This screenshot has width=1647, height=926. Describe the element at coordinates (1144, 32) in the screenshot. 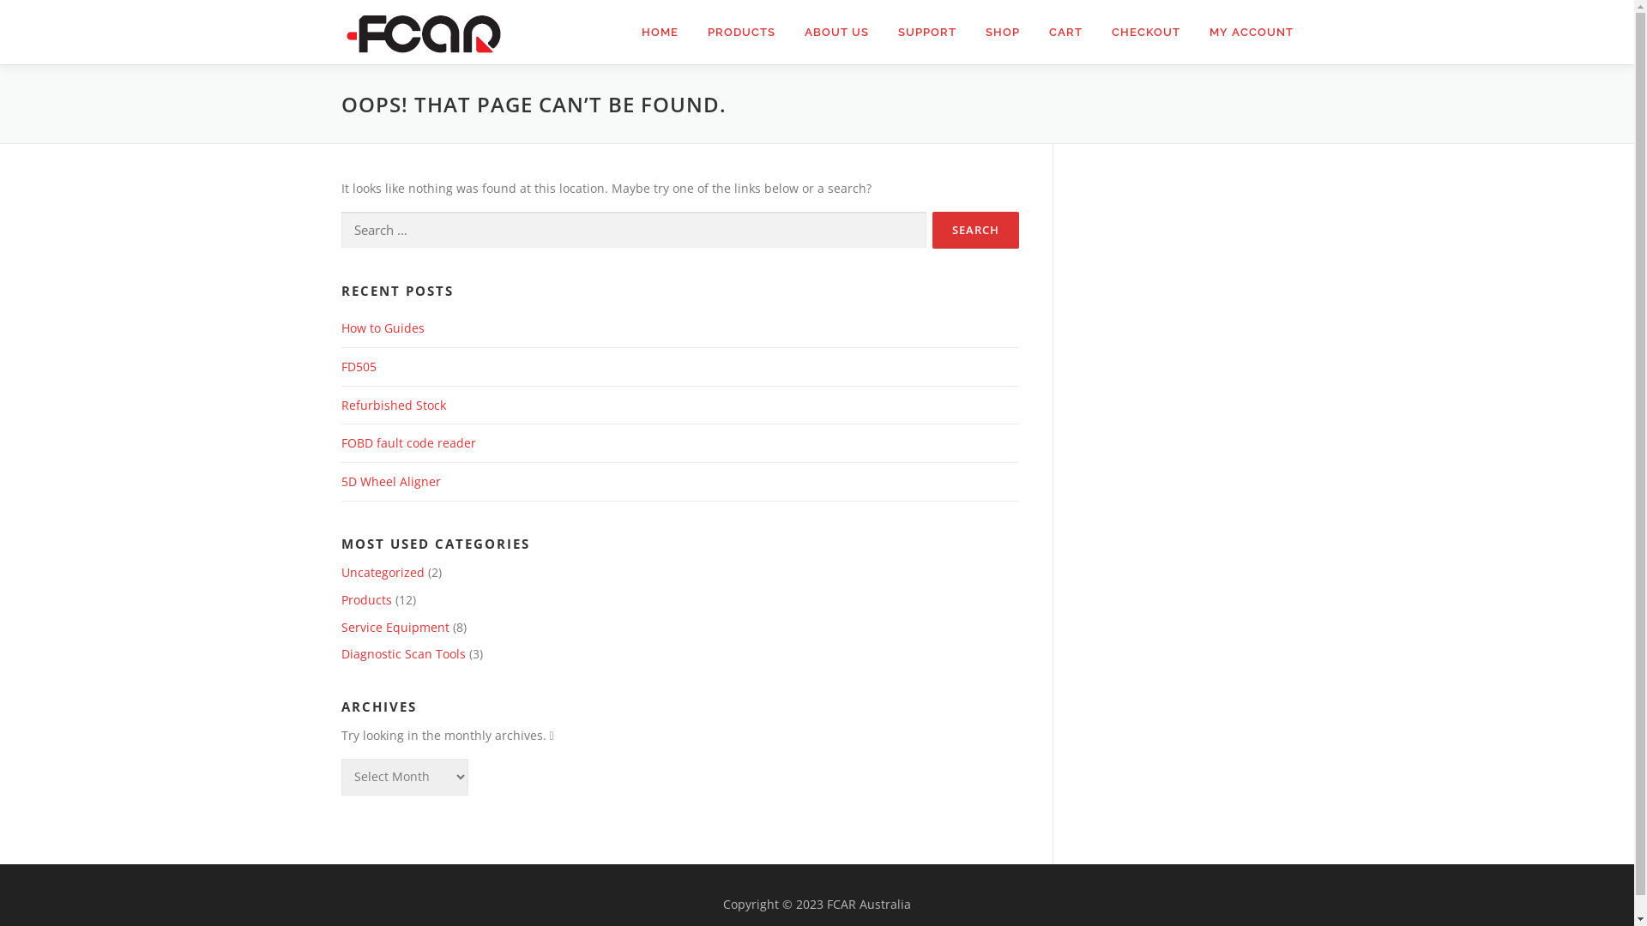

I see `'CHECKOUT'` at that location.